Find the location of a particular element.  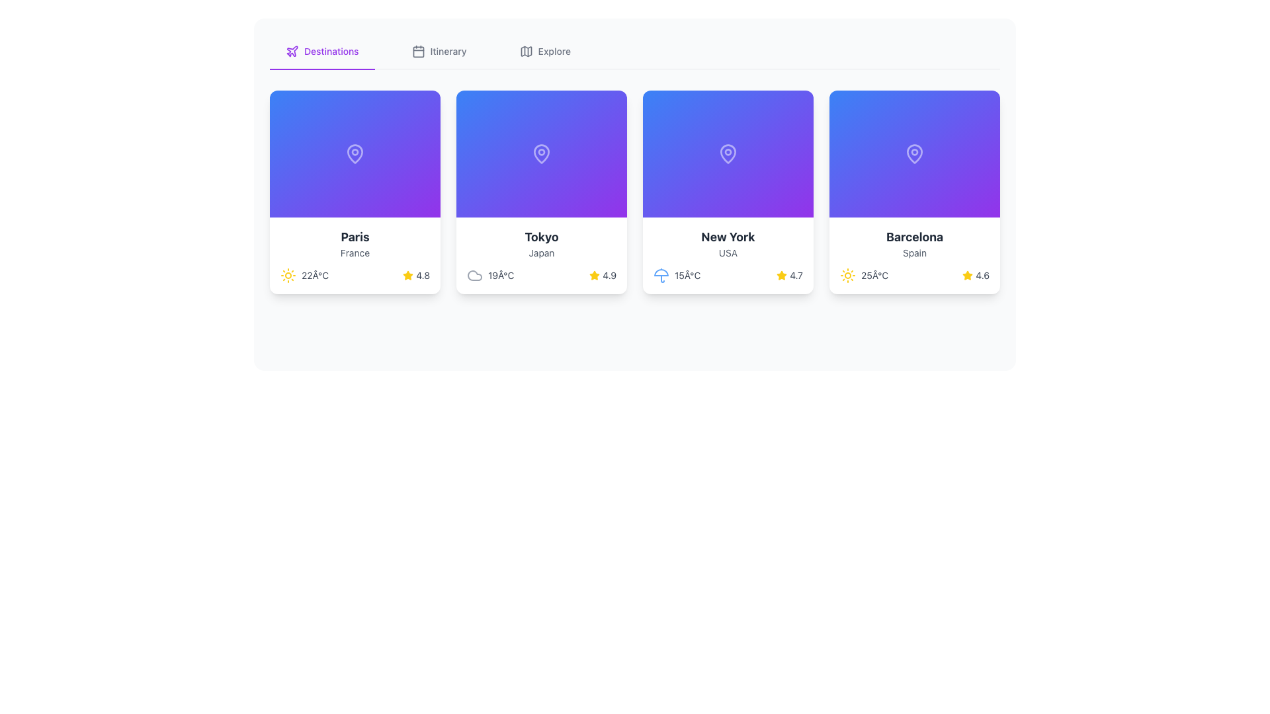

the decorative rectangular shape with rounded corners located within the calendar icon by moving the cursor to its center point is located at coordinates (417, 51).